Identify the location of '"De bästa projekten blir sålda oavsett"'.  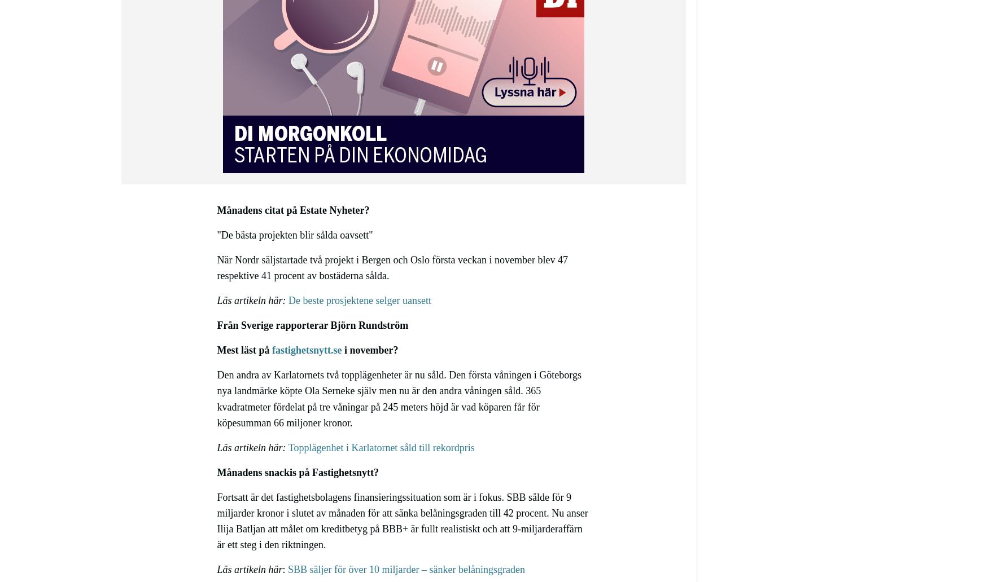
(294, 233).